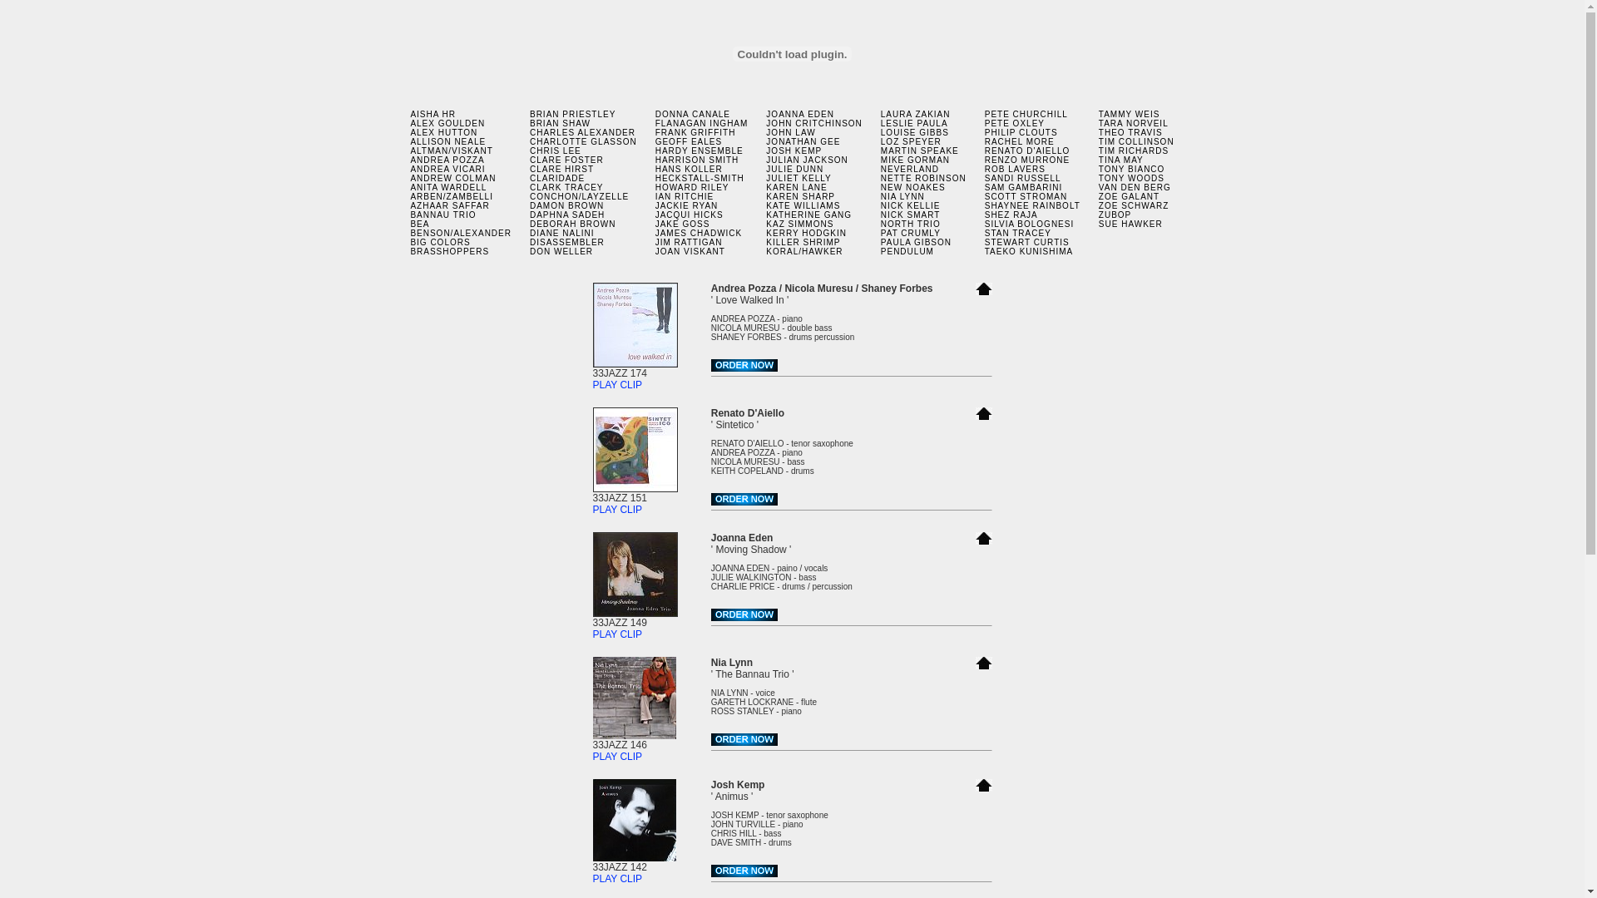  I want to click on 'BRIAN PRIESTLEY', so click(572, 113).